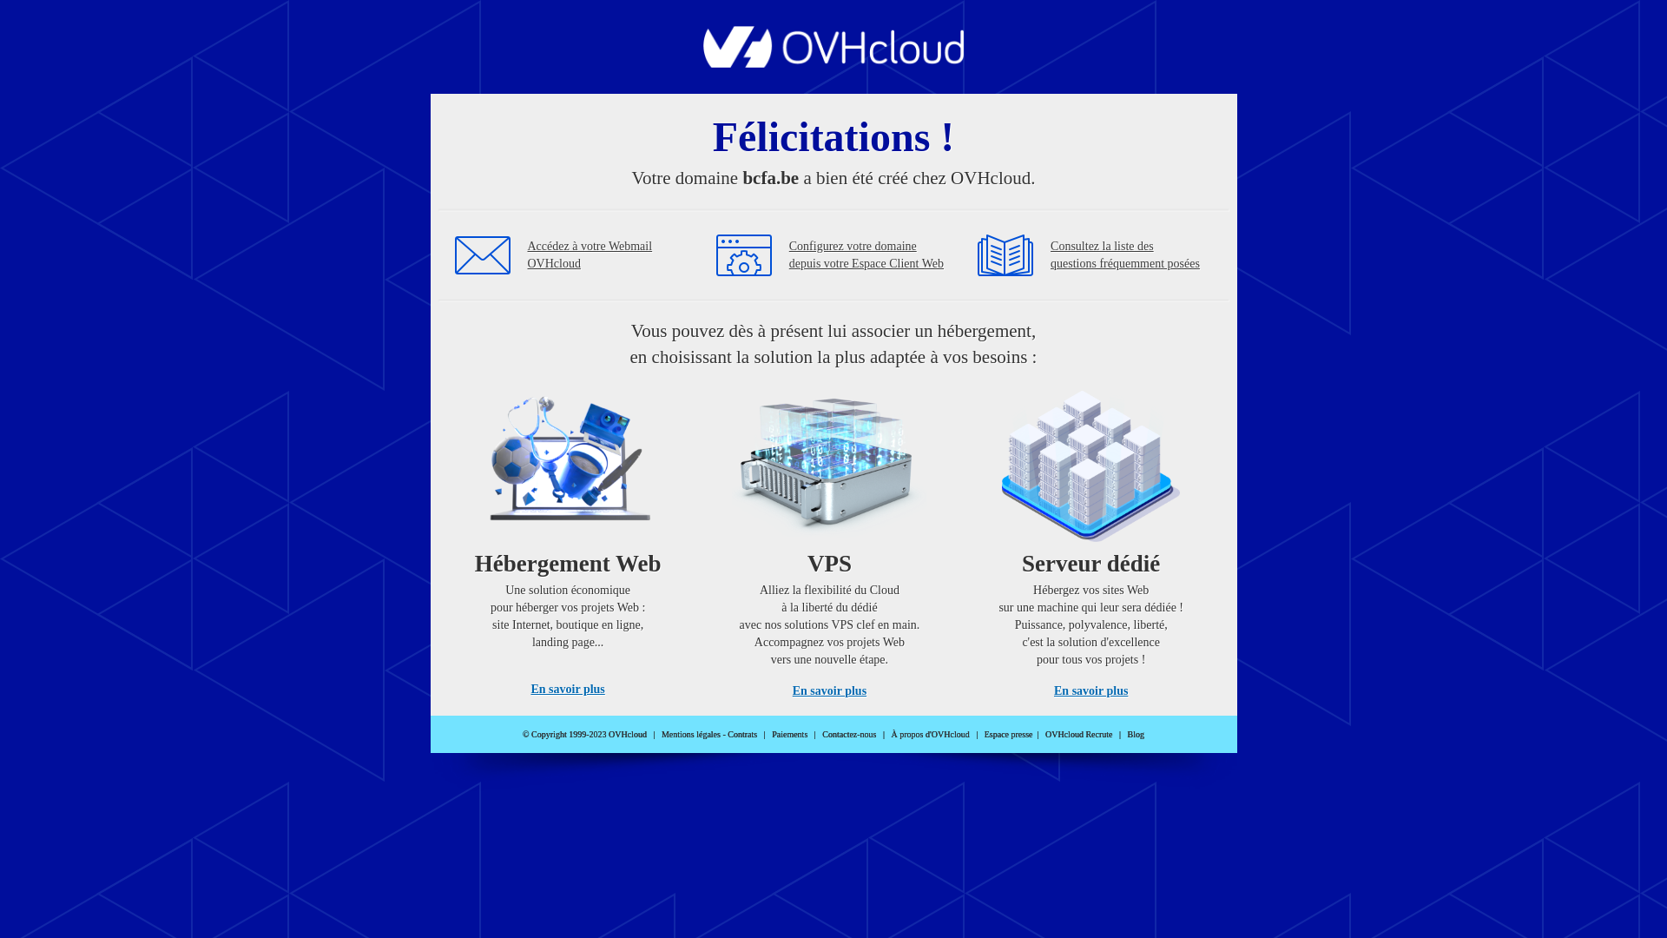 The width and height of the screenshot is (1667, 938). What do you see at coordinates (833, 62) in the screenshot?
I see `'OVHcloud'` at bounding box center [833, 62].